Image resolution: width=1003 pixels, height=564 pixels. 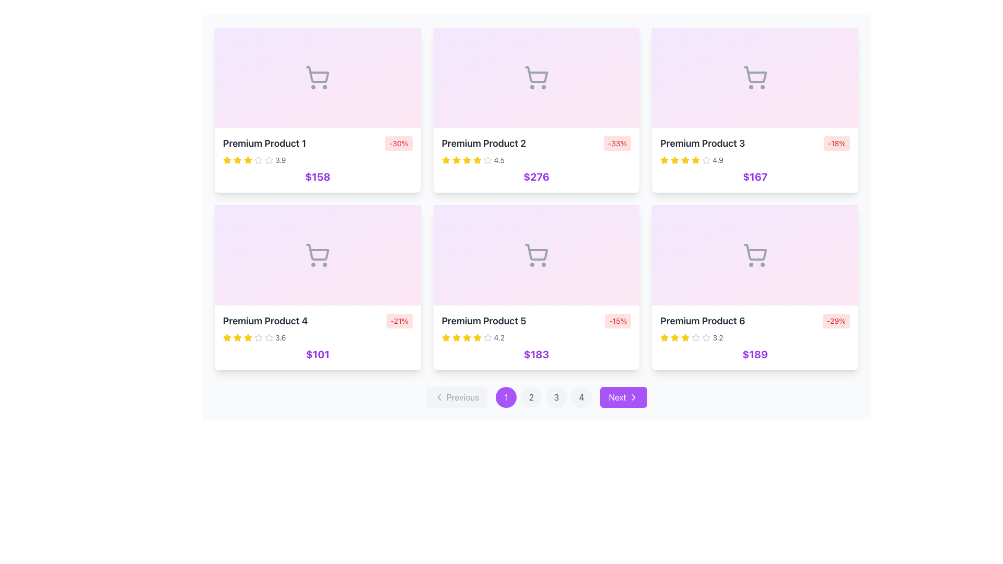 What do you see at coordinates (706, 160) in the screenshot?
I see `the fourth filled star in the rating scale for the product 'Premium Product 3' to rate it` at bounding box center [706, 160].